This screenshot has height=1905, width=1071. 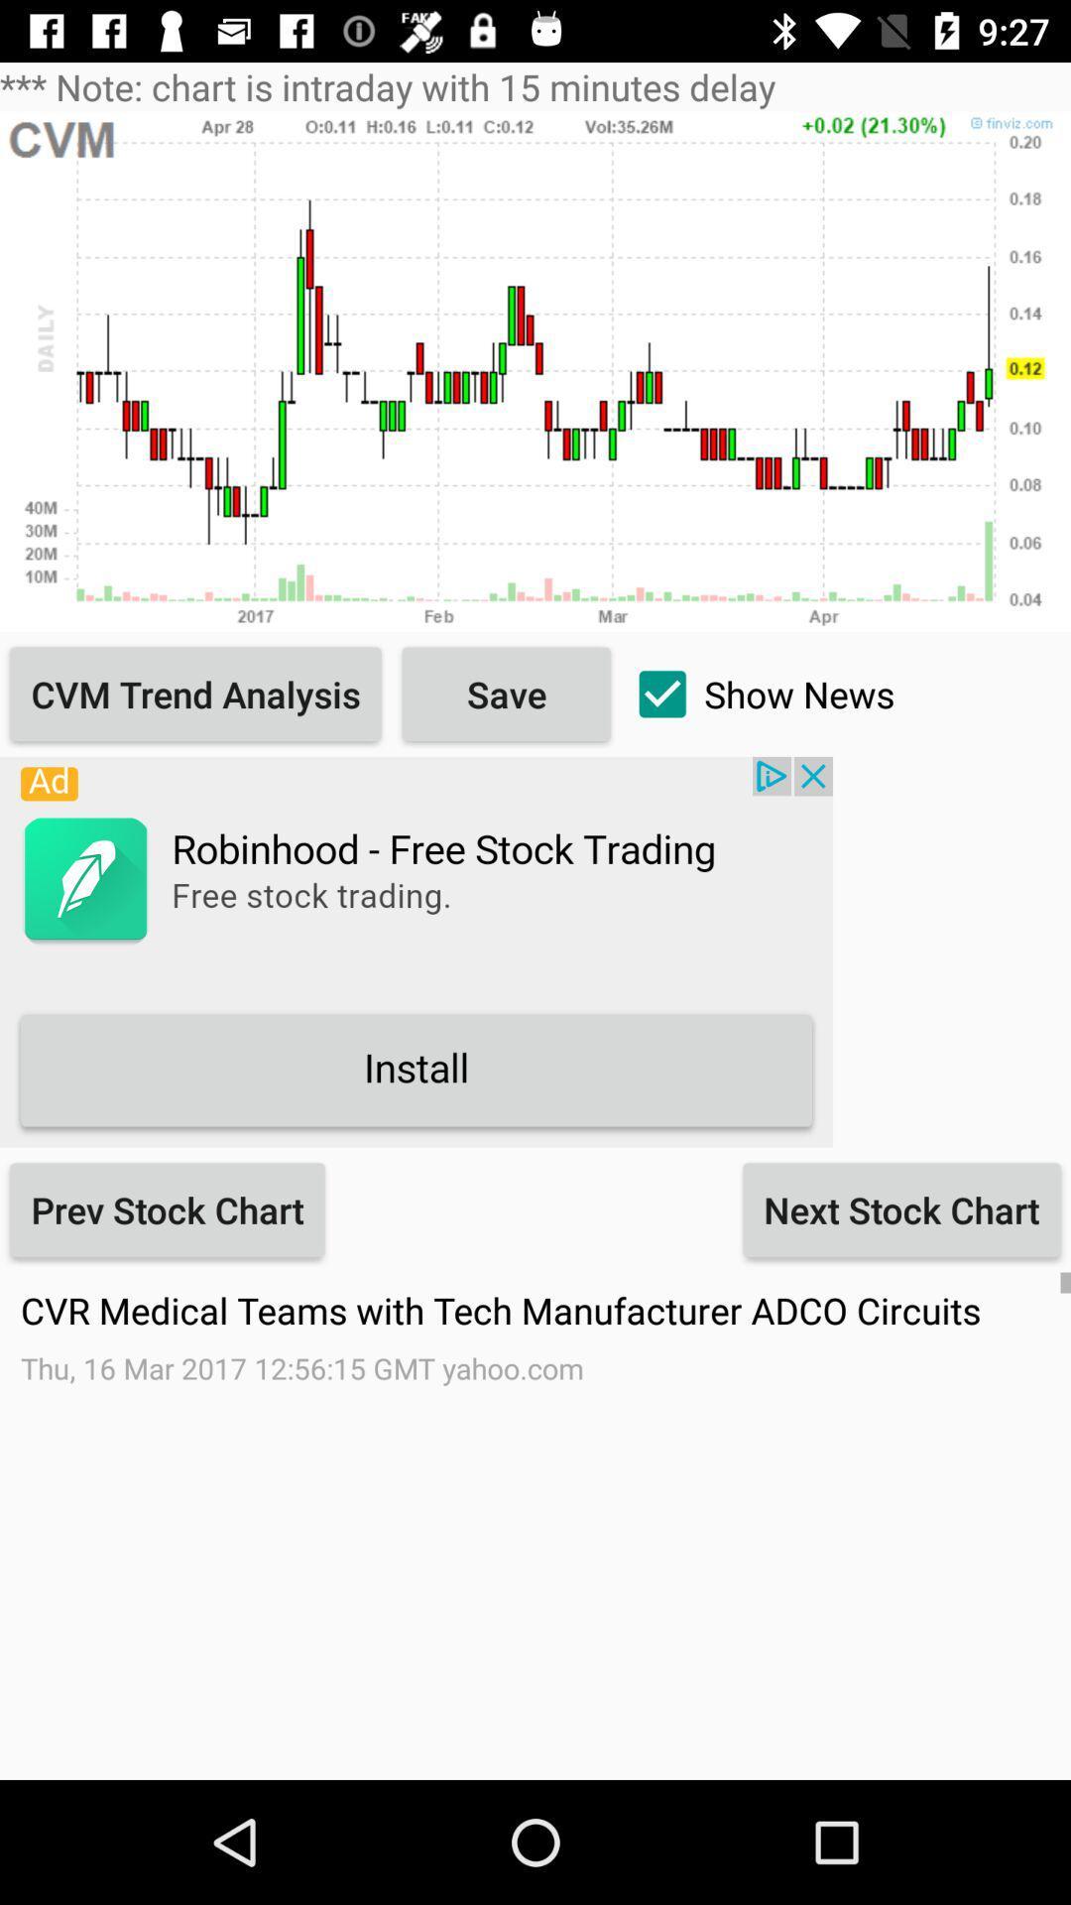 I want to click on install app, so click(x=416, y=951).